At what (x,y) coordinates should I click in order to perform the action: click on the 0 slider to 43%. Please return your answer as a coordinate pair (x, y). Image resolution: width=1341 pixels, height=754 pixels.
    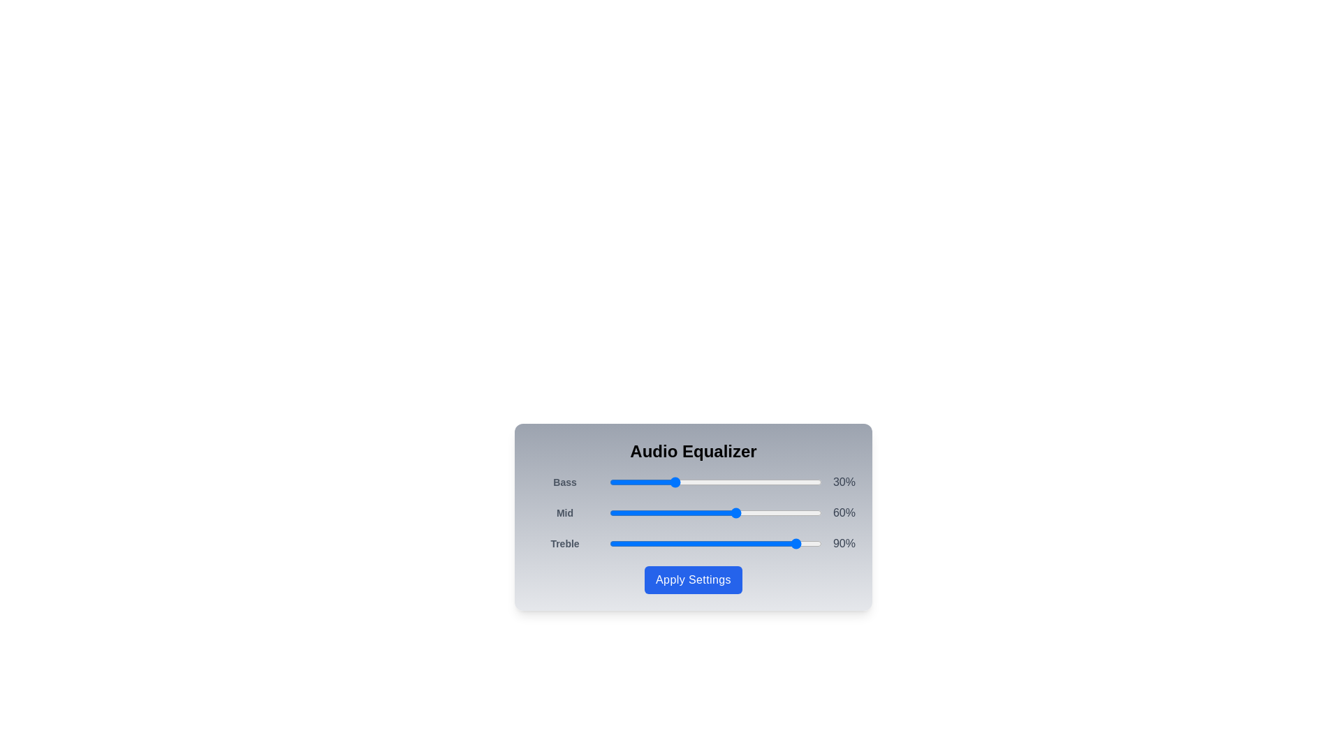
    Looking at the image, I should click on (701, 481).